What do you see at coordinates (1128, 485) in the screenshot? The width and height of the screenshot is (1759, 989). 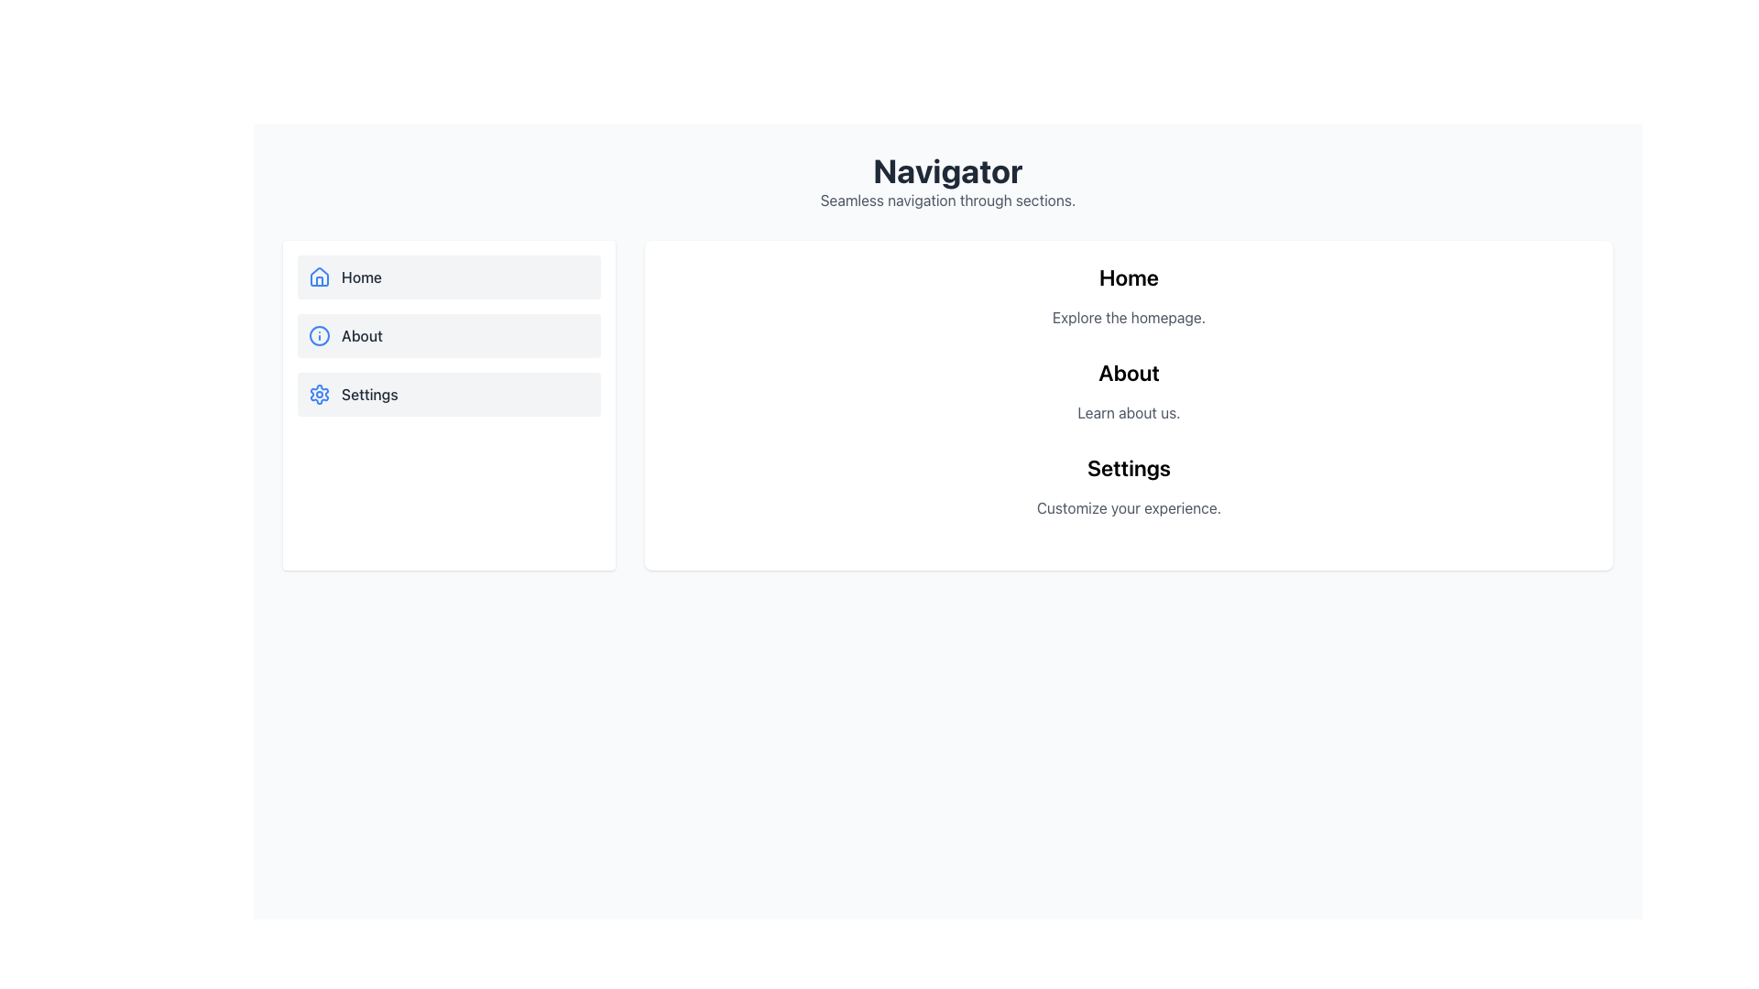 I see `the 'Settings' header element, which is the third item in a vertical list of sections` at bounding box center [1128, 485].